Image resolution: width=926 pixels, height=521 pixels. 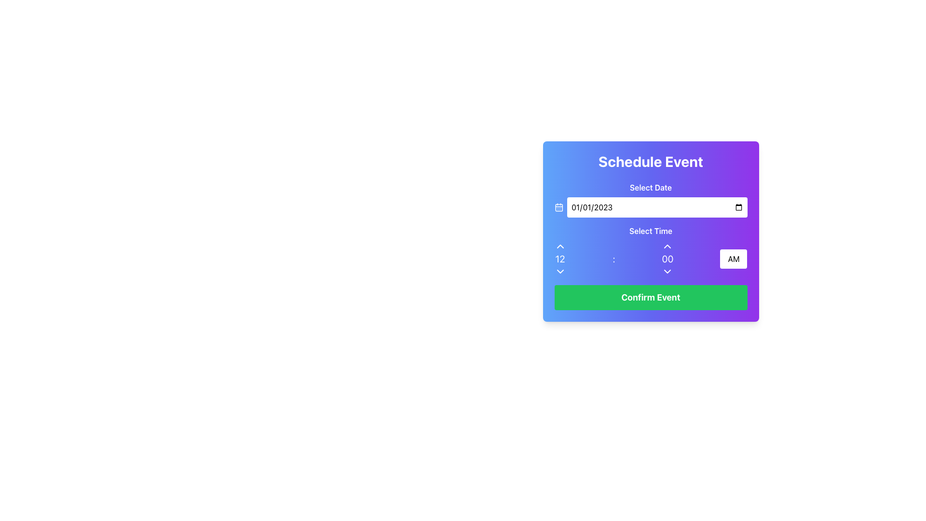 What do you see at coordinates (651, 250) in the screenshot?
I see `a specific time unit from the Time Selector section titled 'Select Time', which includes numeric spinners for hours and minutes, as well as an AM/PM toggle button` at bounding box center [651, 250].